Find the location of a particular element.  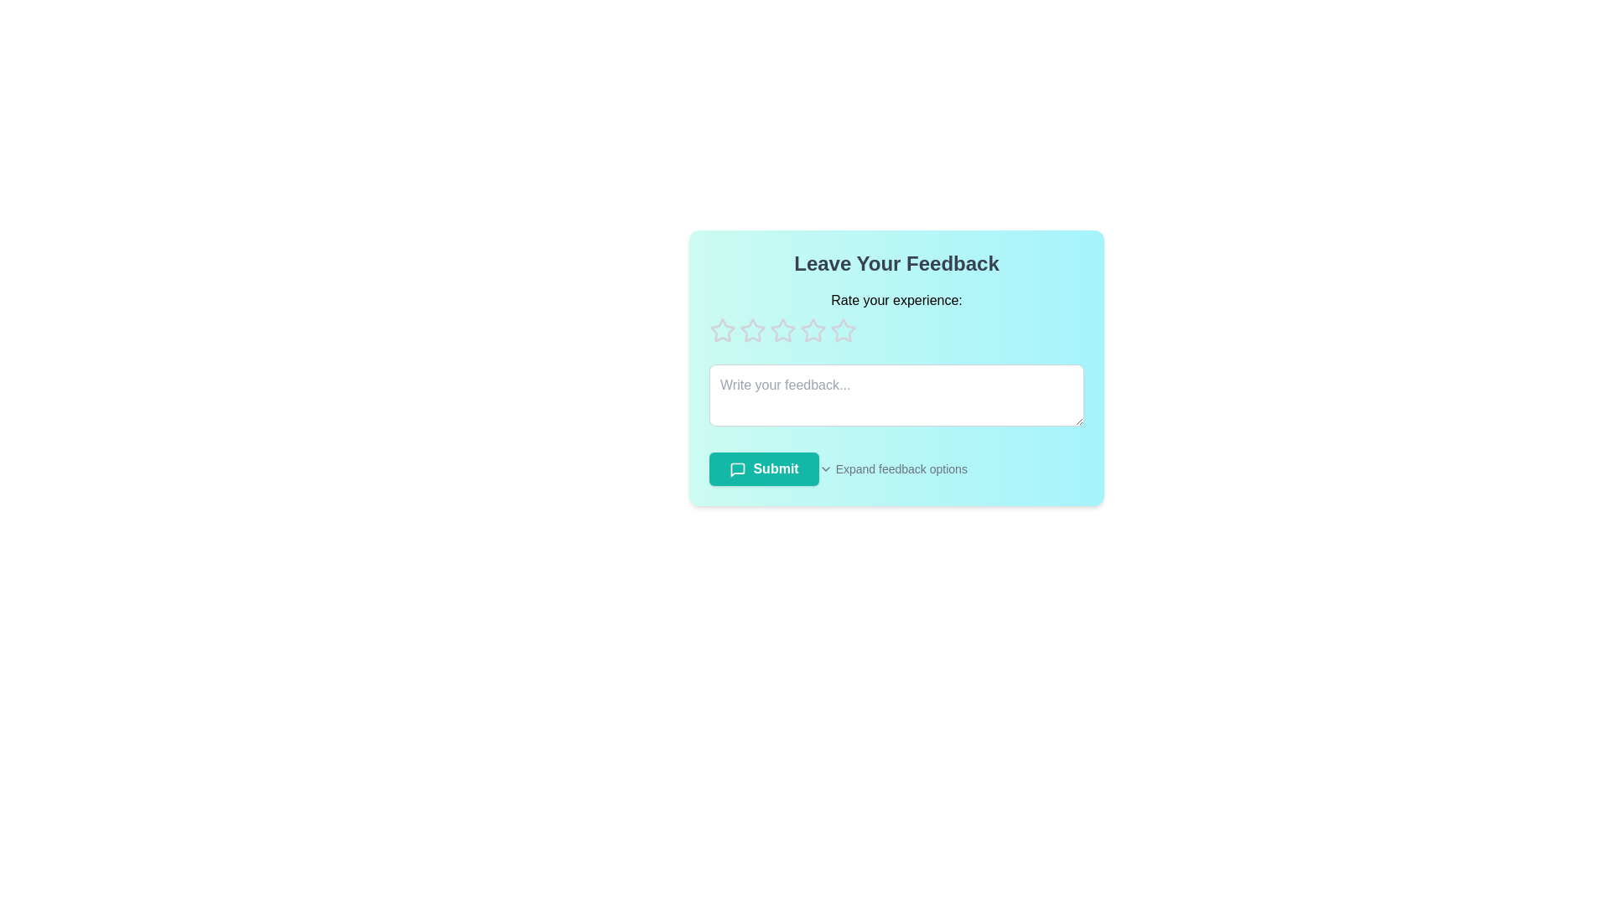

the submission button located in the feedback panel at the bottom-left region is located at coordinates (763, 468).